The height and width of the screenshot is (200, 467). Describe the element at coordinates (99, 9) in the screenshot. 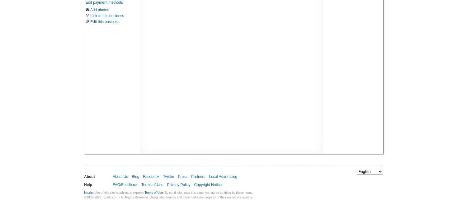

I see `'Add photos'` at that location.